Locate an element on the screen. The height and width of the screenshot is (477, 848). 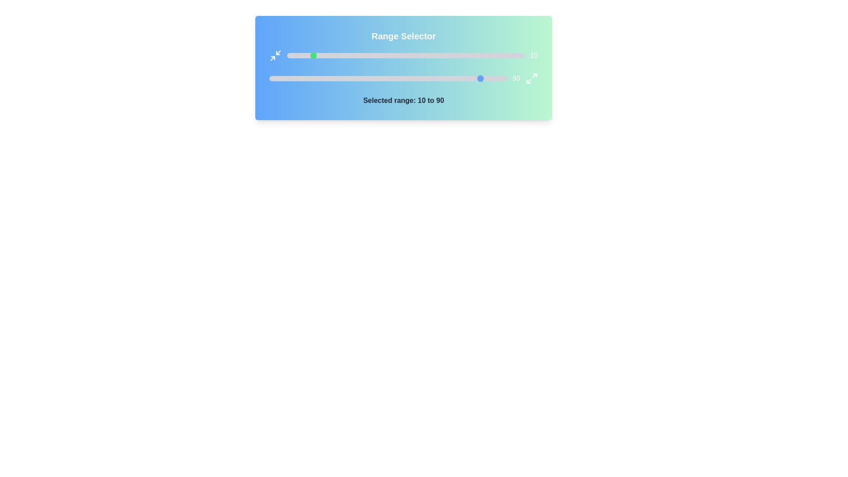
the slider value is located at coordinates (428, 78).